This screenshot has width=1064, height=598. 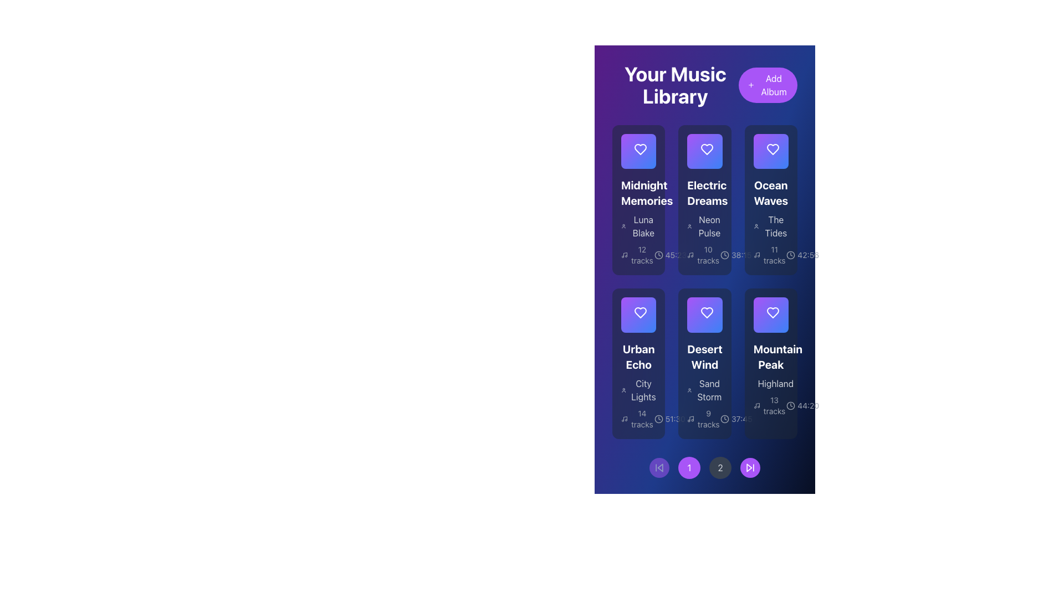 I want to click on the text label with an icon indicating the number of audio tracks in the 'Electric Dreams' album, located in the second column of the first row of the music library grid, below the album title 'Neon Pulse', so click(x=704, y=255).